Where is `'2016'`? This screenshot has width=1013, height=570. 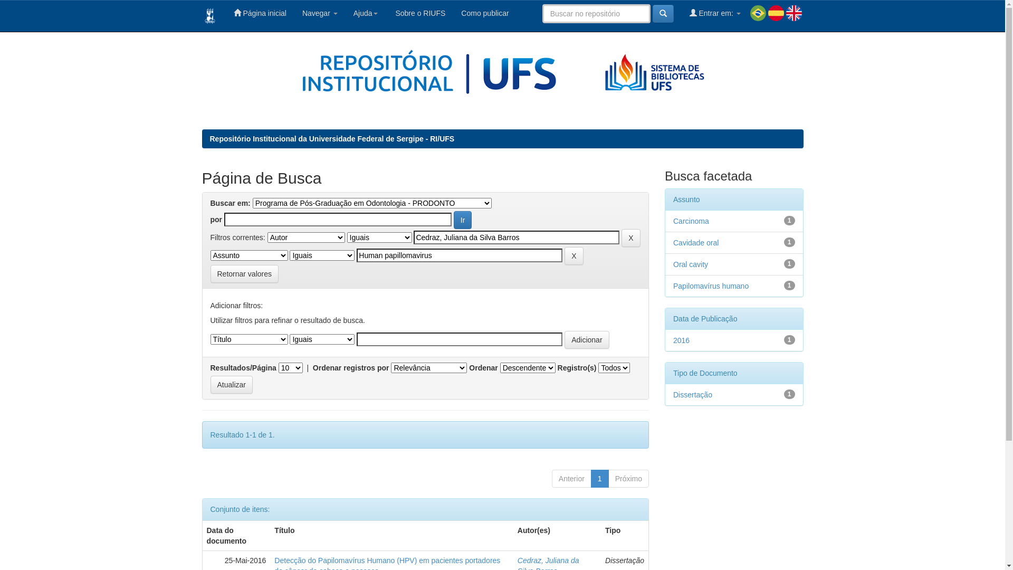
'2016' is located at coordinates (681, 340).